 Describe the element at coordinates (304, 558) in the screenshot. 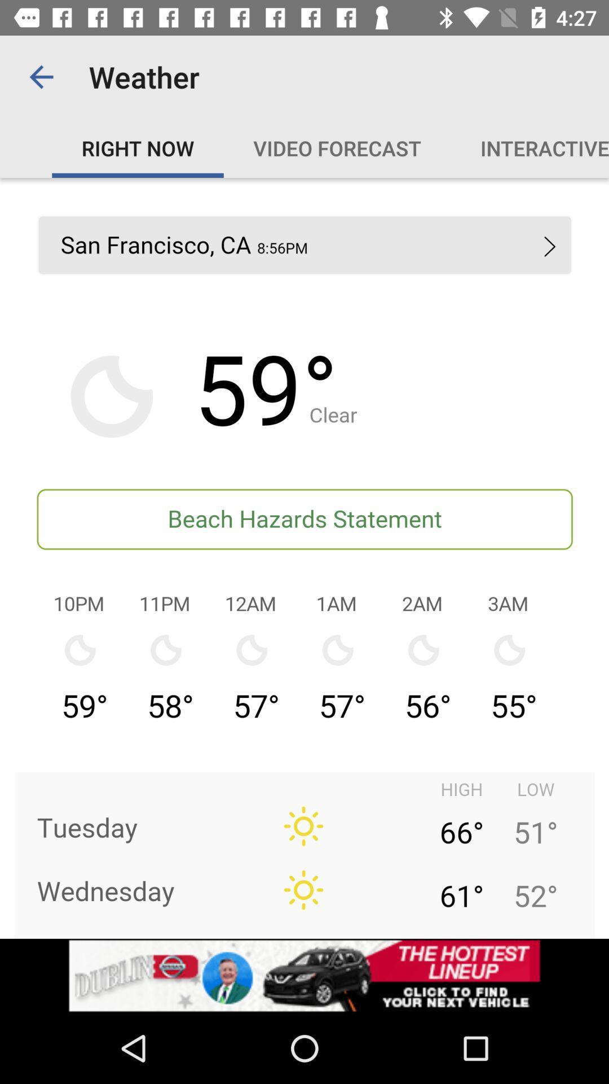

I see `the page` at that location.